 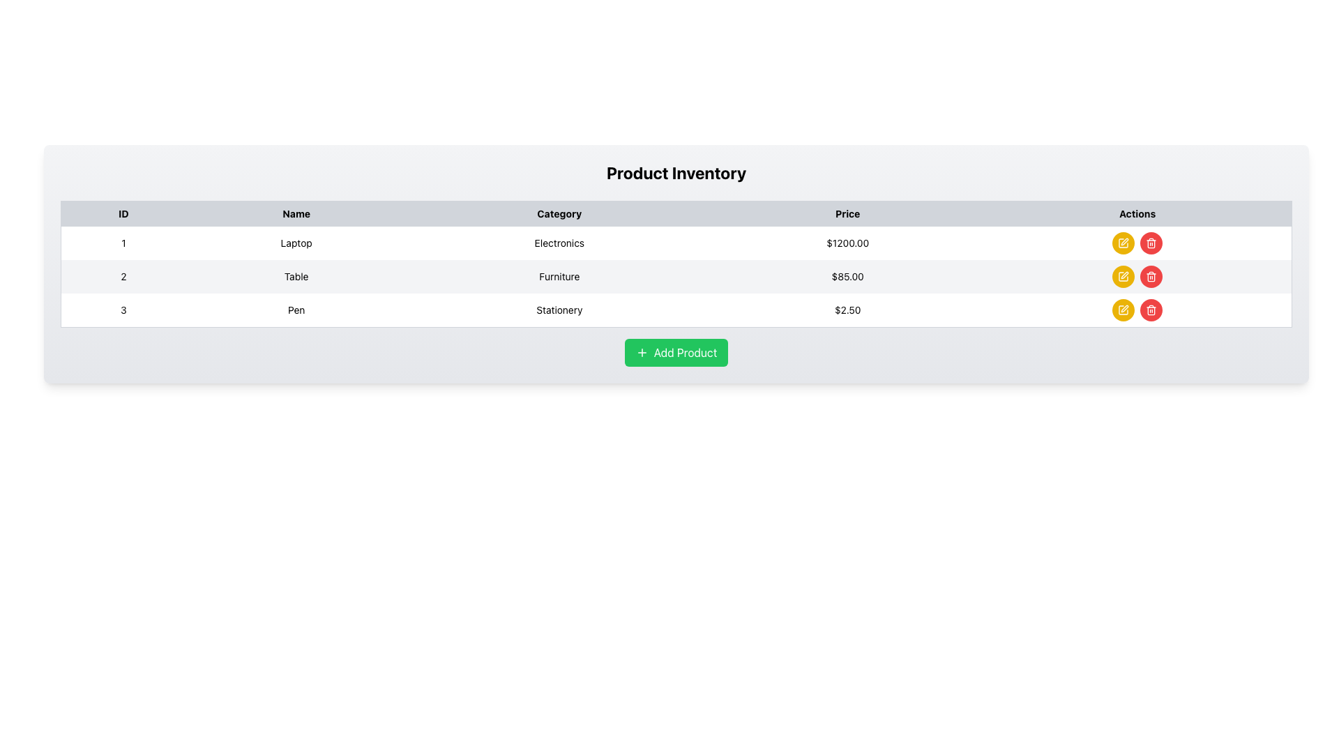 What do you see at coordinates (1151, 309) in the screenshot?
I see `the delete button in the 'Actions' column of the third row of the table` at bounding box center [1151, 309].